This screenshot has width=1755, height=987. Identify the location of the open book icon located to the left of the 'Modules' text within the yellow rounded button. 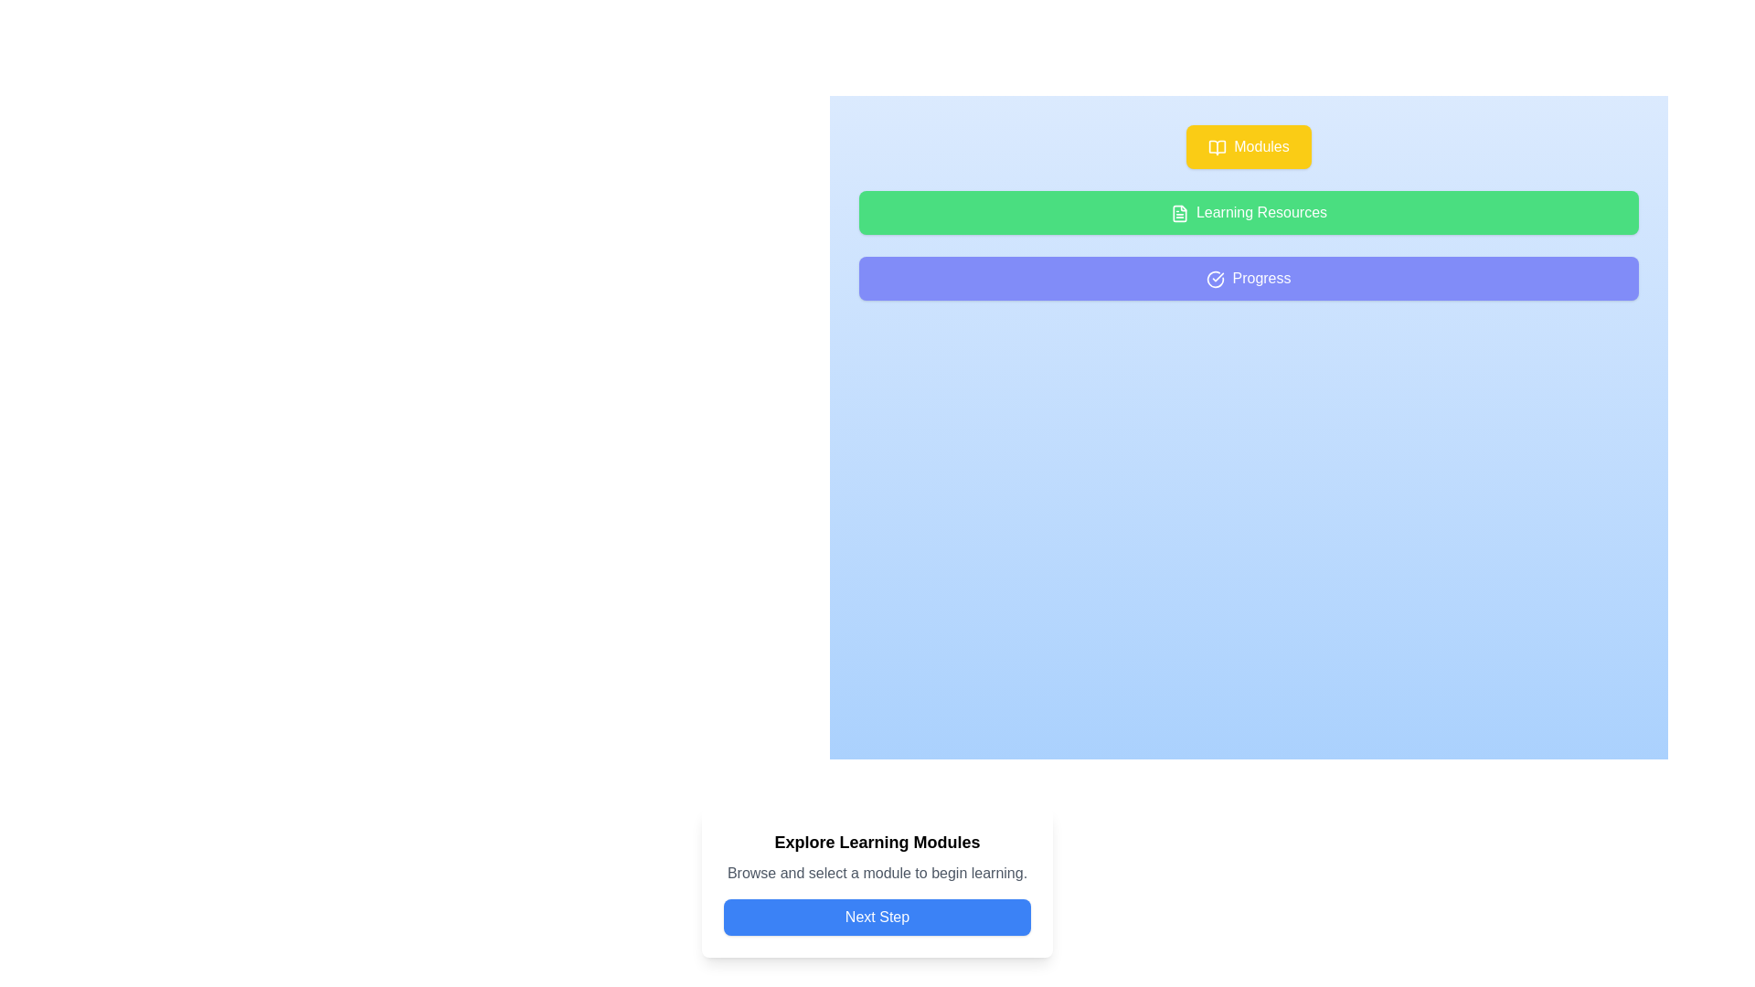
(1218, 146).